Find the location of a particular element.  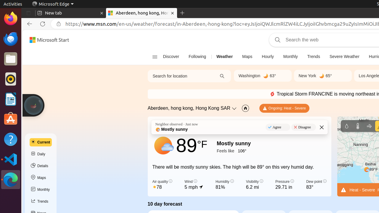

'Ubuntu Software' is located at coordinates (10, 119).